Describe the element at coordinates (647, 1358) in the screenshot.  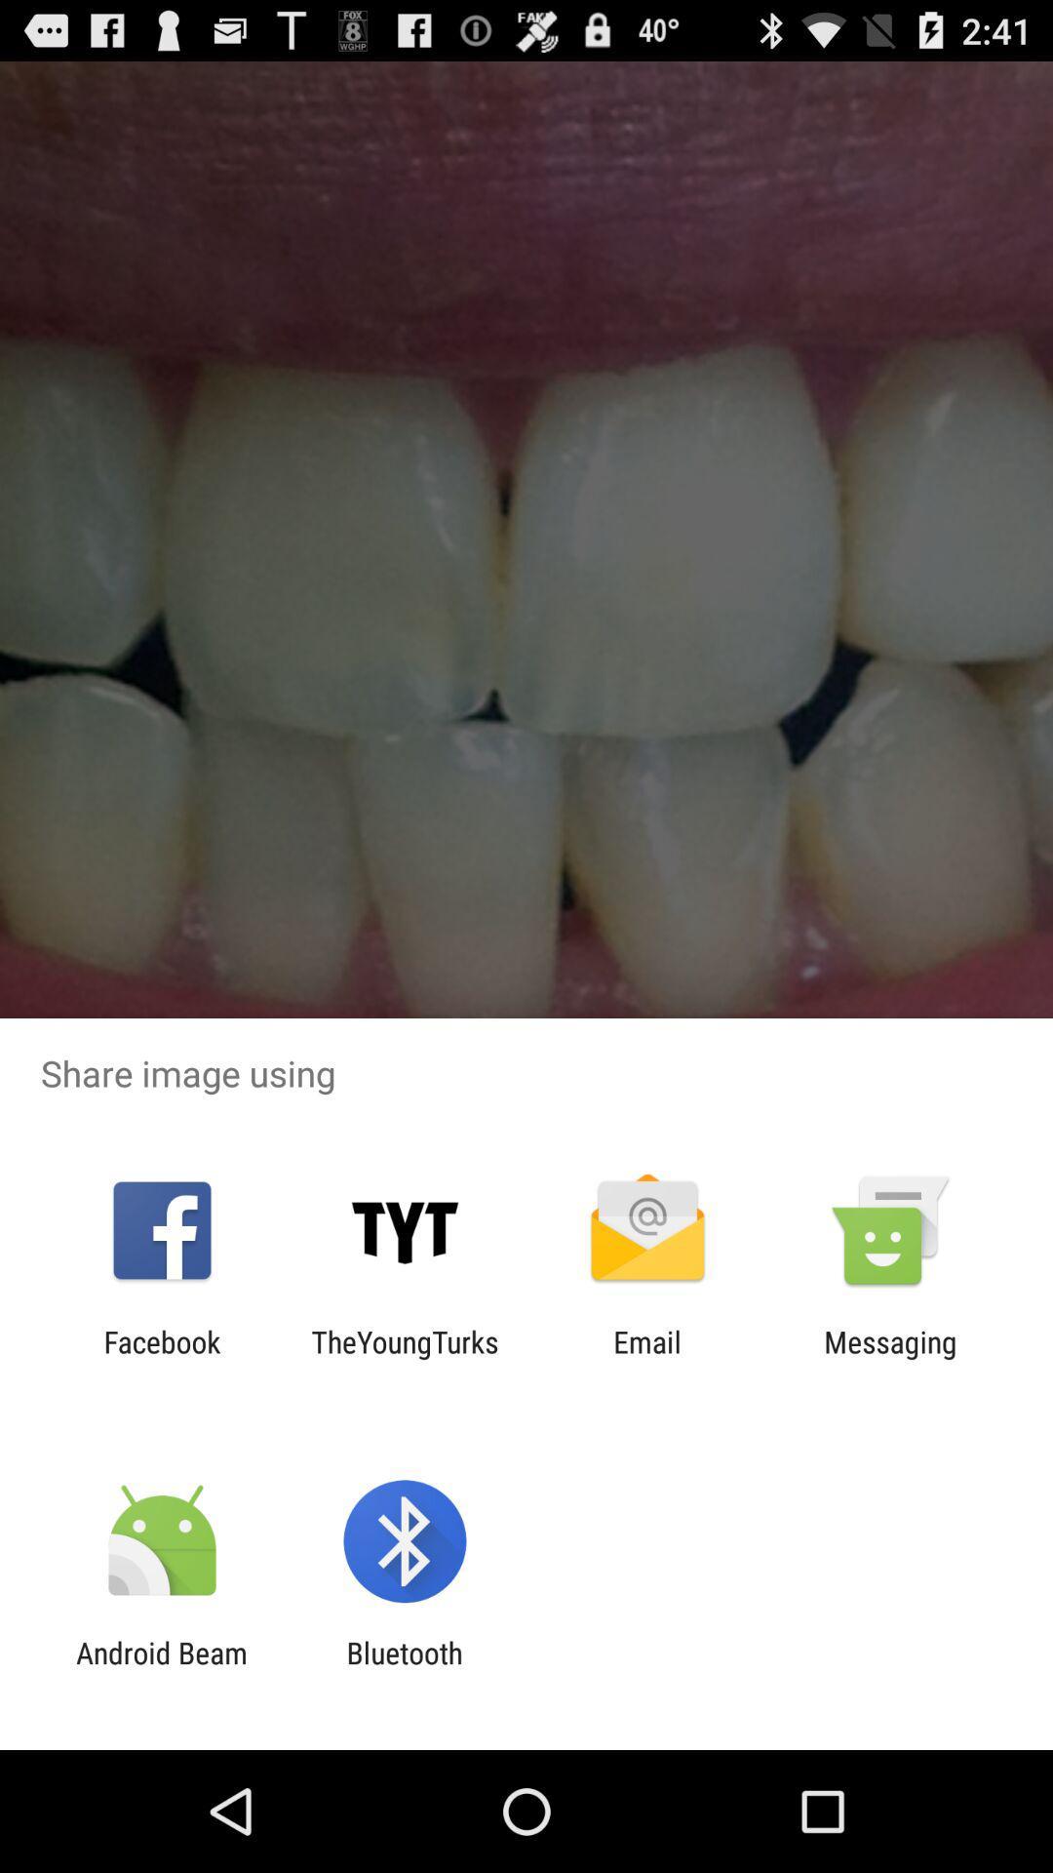
I see `icon next to the theyoungturks item` at that location.